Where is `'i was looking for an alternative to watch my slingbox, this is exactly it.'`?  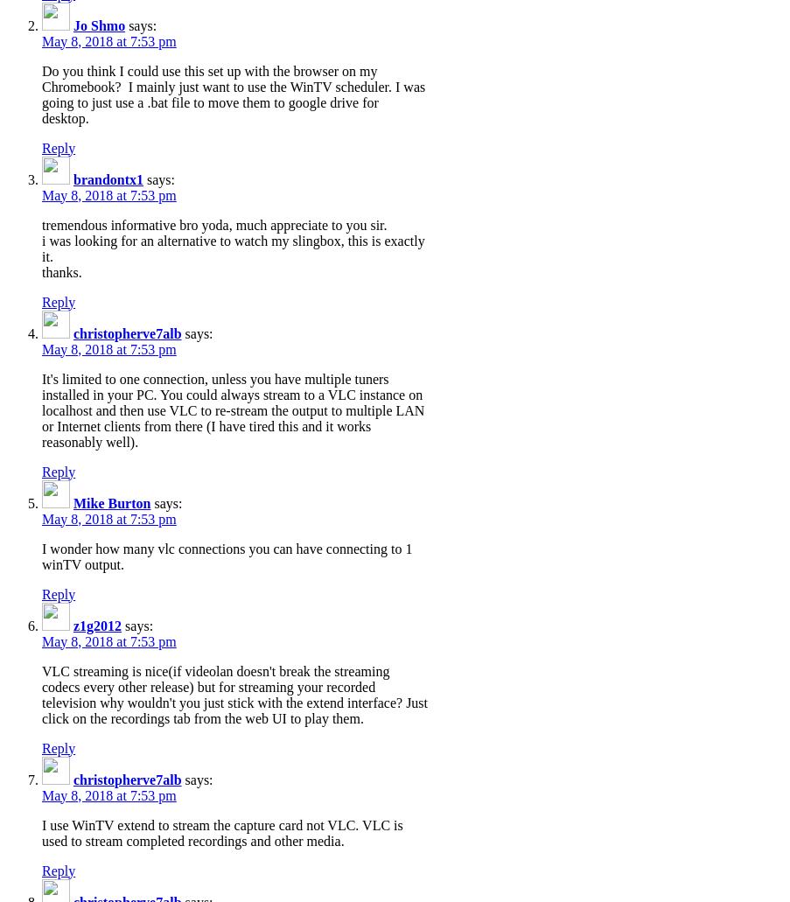 'i was looking for an alternative to watch my slingbox, this is exactly it.' is located at coordinates (232, 248).